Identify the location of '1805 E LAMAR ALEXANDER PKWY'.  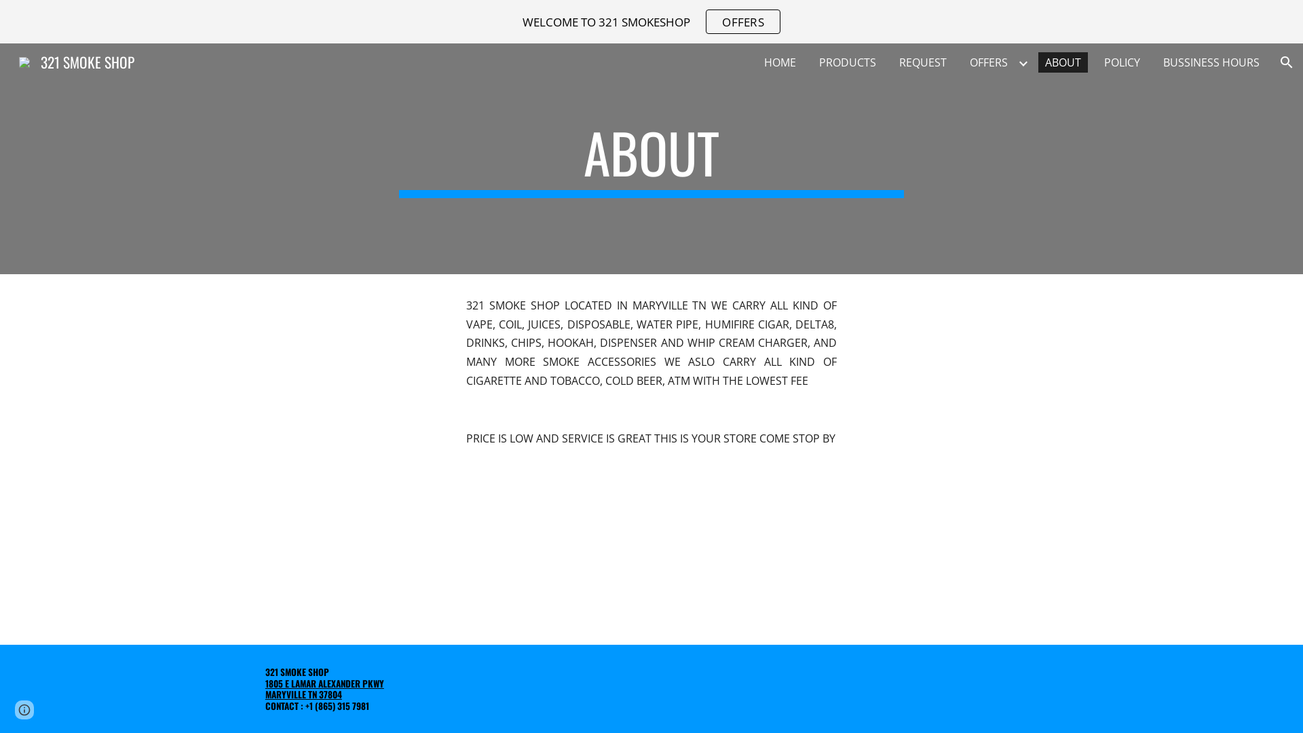
(324, 683).